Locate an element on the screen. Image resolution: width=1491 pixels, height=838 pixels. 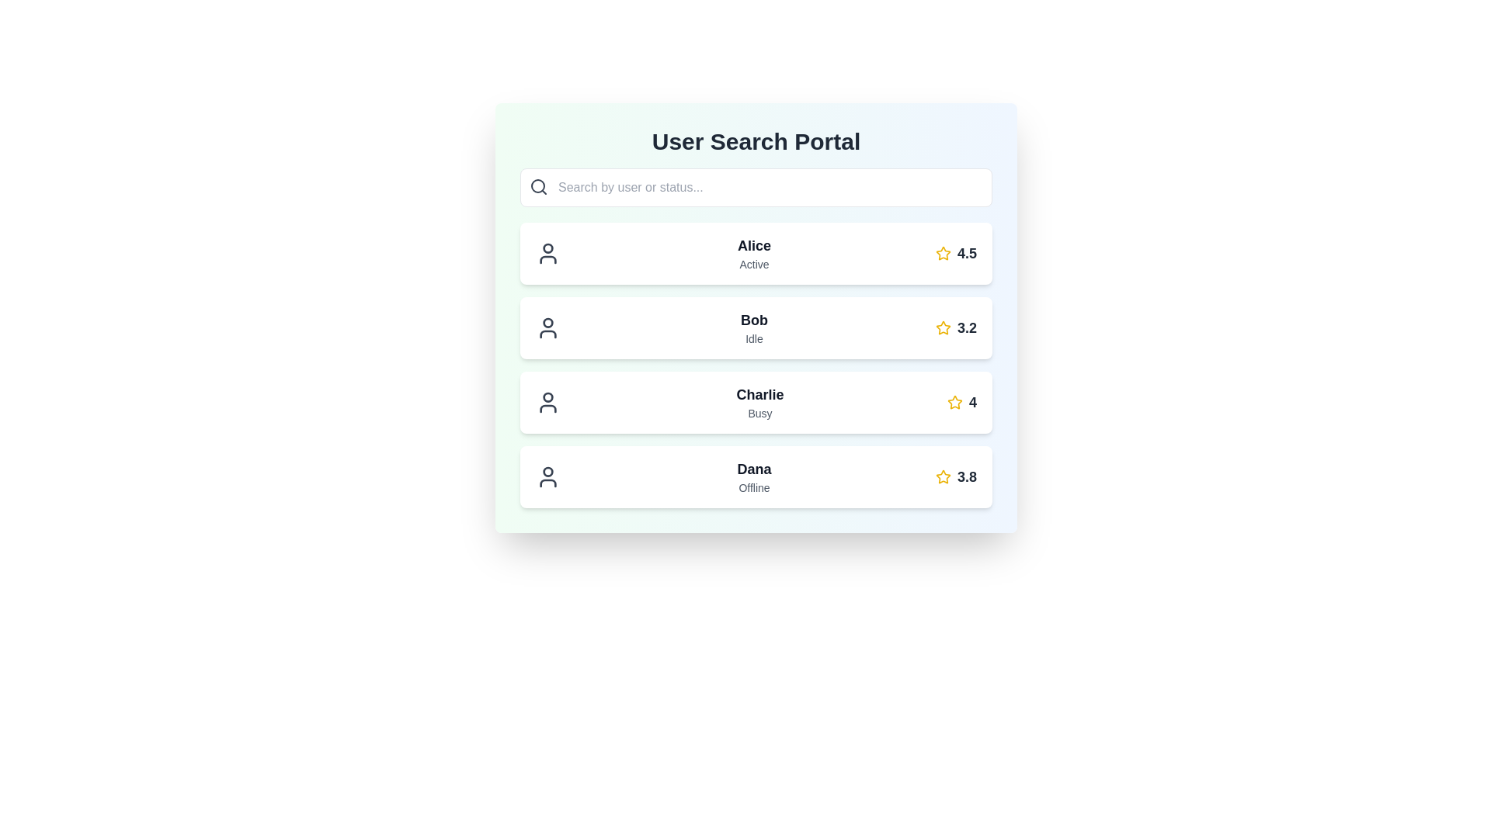
the user icon representing 'Dana', which is positioned as the first element on the far left of the row containing user details is located at coordinates (547, 476).